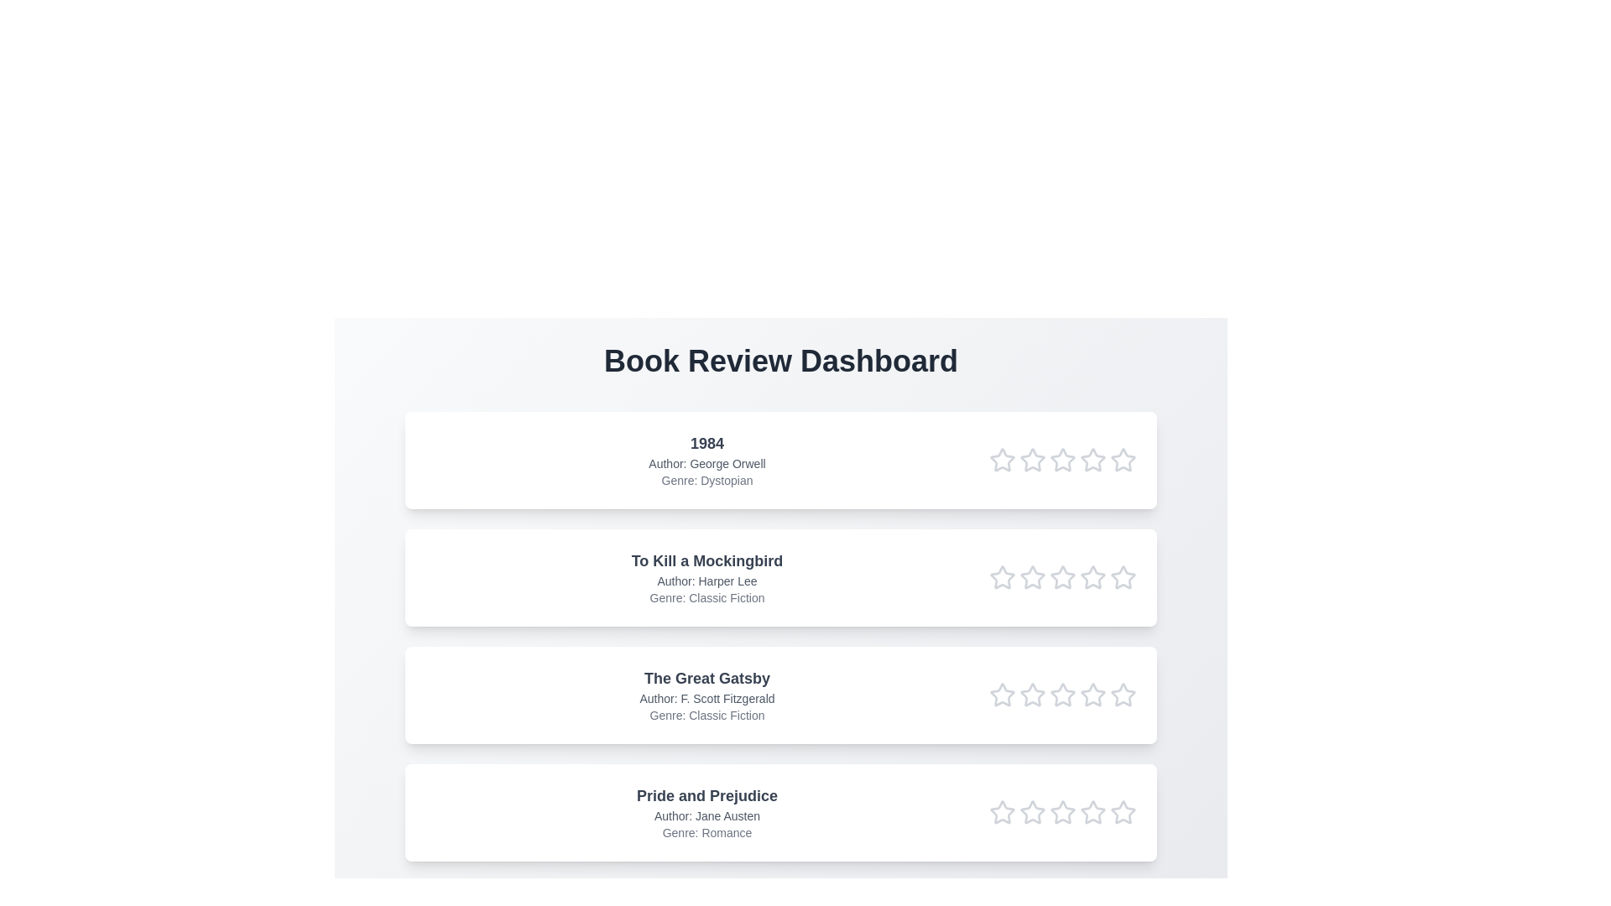 The height and width of the screenshot is (906, 1611). Describe the element at coordinates (1124, 577) in the screenshot. I see `the star corresponding to 5 in the rating row of the book titled To Kill a Mockingbird` at that location.